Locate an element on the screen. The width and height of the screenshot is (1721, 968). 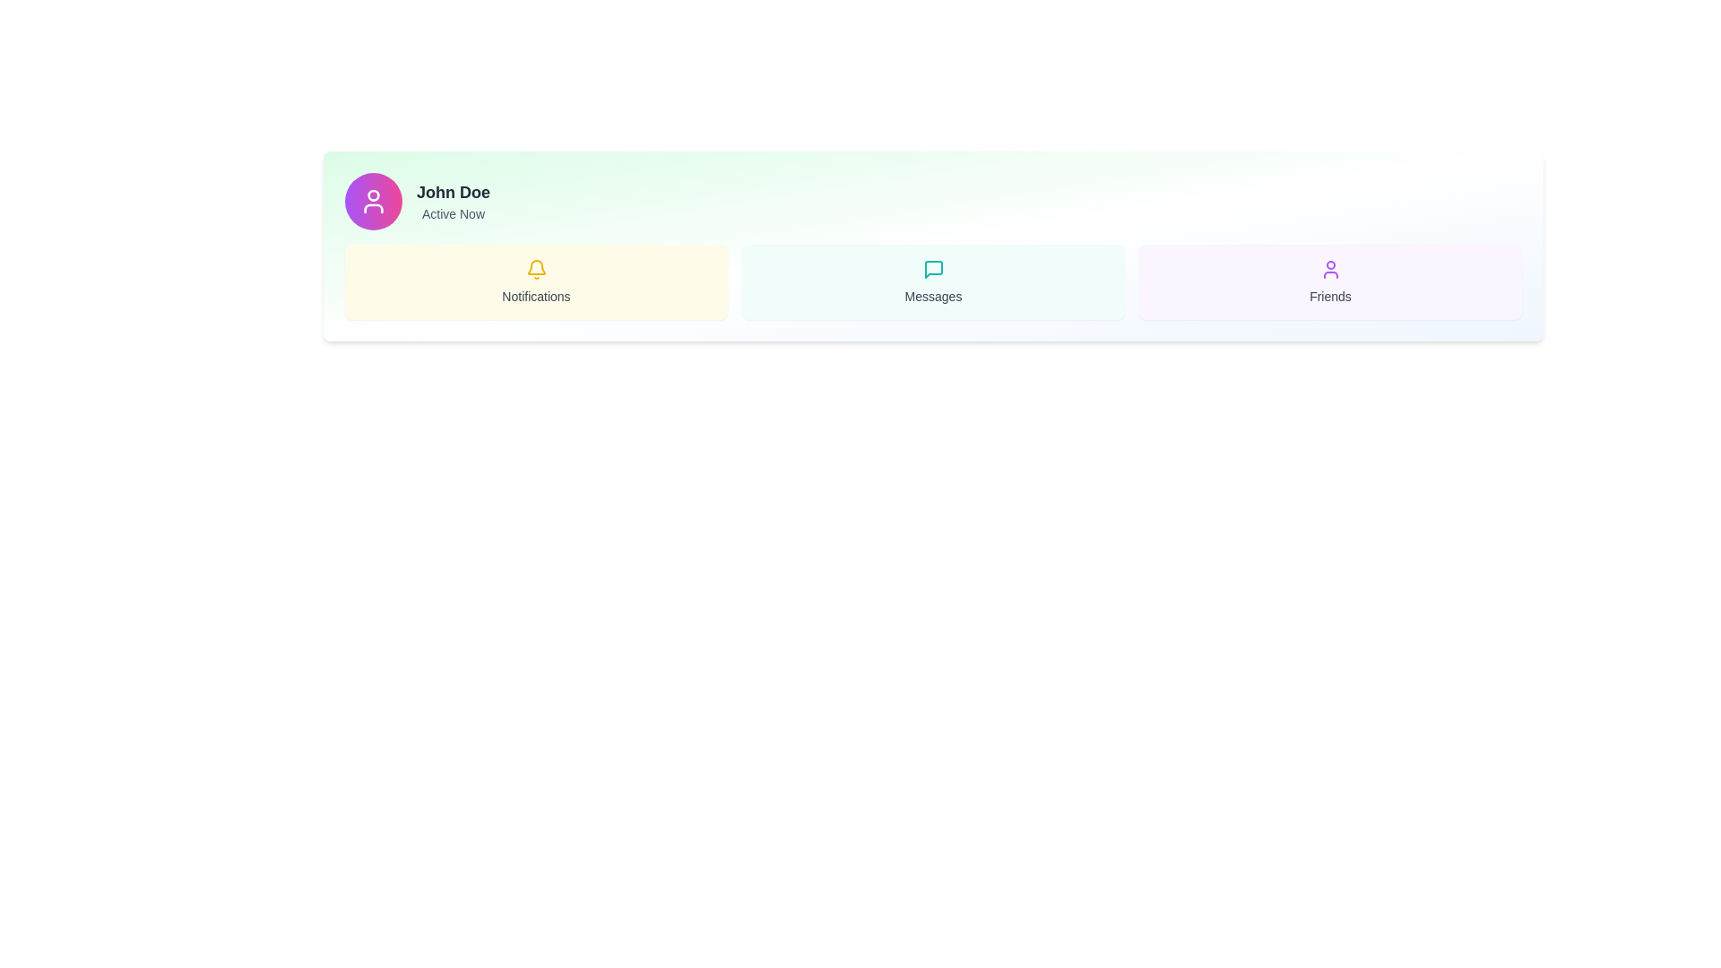
the messaging icon located in the 'Messages' section is located at coordinates (932, 269).